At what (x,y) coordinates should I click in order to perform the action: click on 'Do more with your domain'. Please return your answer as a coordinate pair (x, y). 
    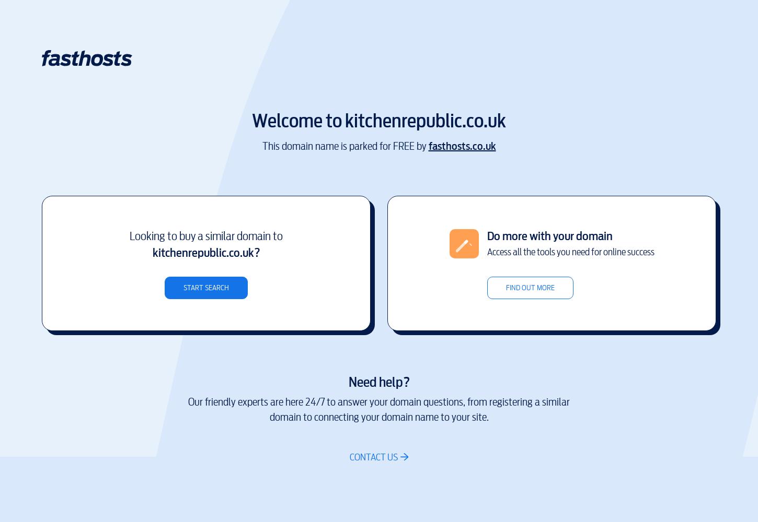
    Looking at the image, I should click on (549, 235).